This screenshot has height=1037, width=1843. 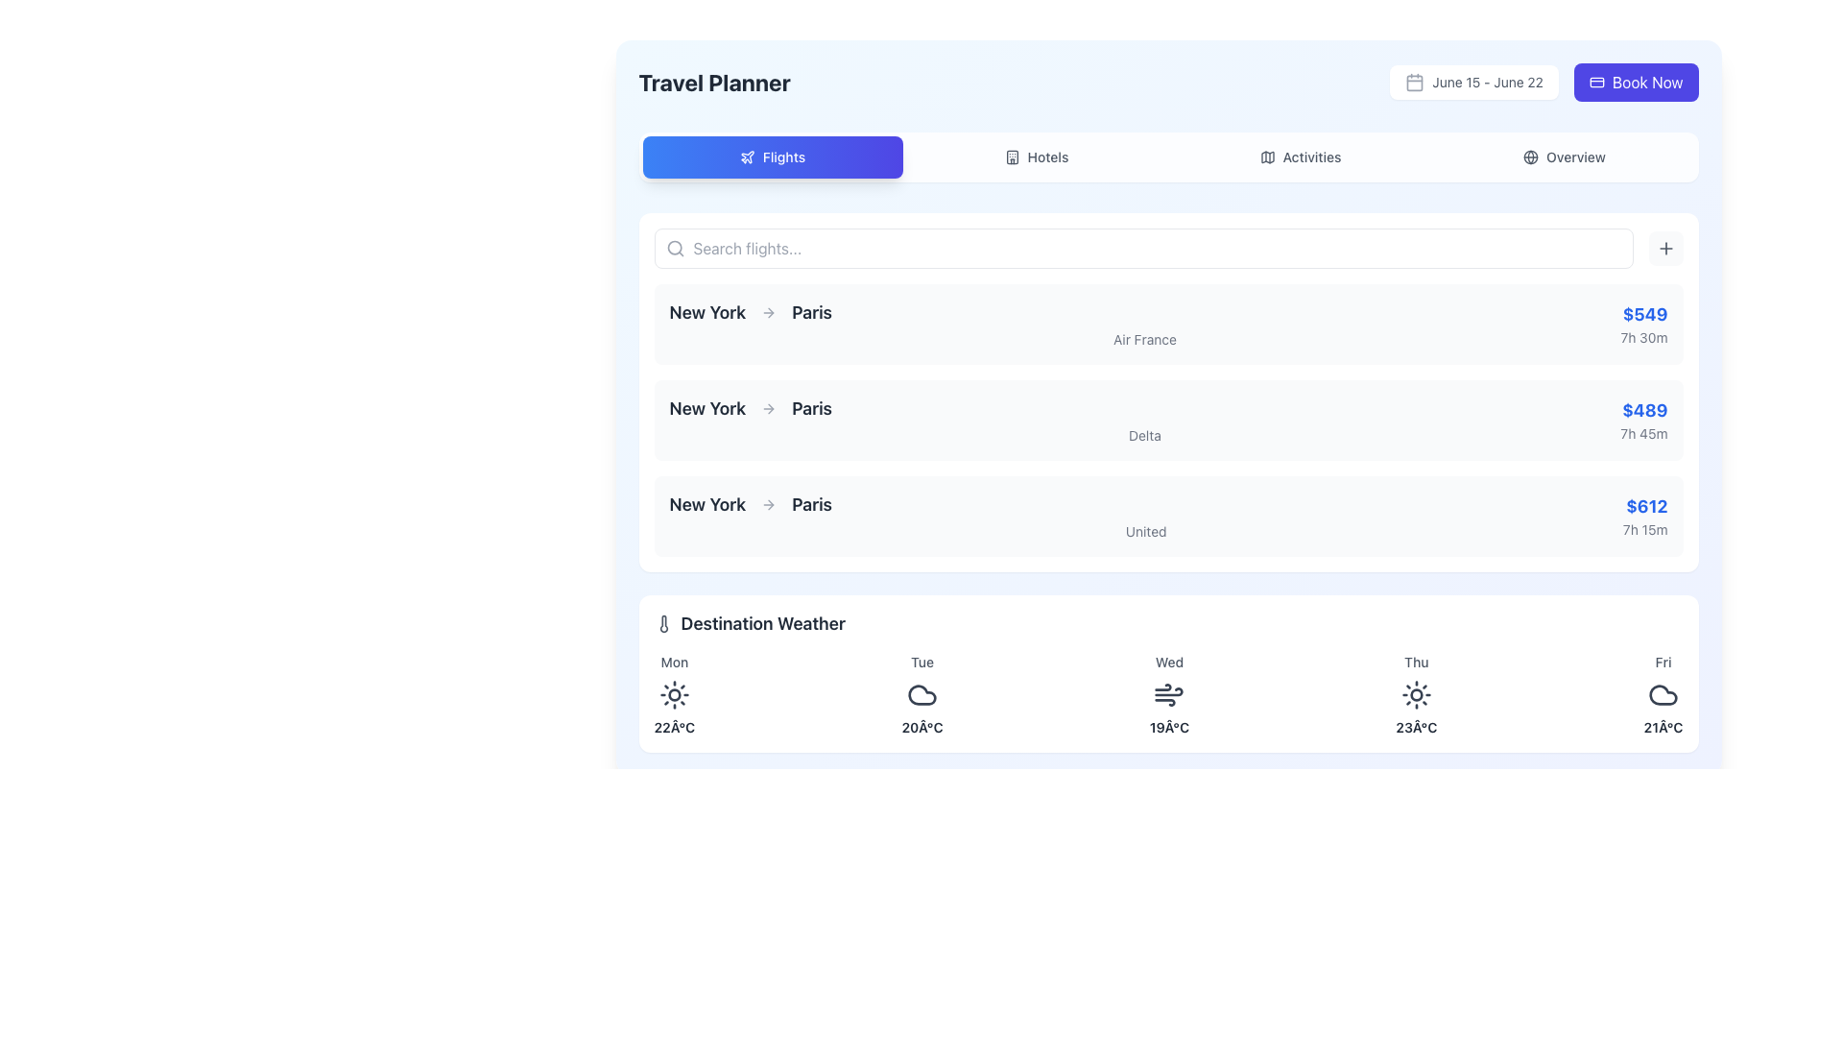 What do you see at coordinates (1144, 324) in the screenshot?
I see `the textual display element that provides flight information (New York to Paris, Air France) located in the upper section of the flight options list` at bounding box center [1144, 324].